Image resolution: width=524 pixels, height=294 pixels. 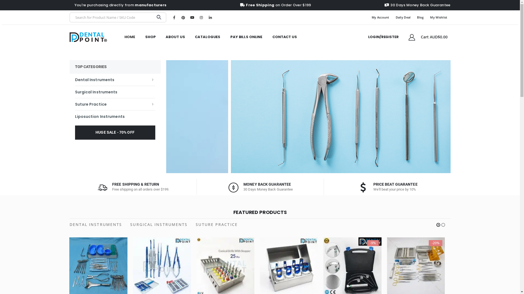 I want to click on 'HOME', so click(x=129, y=37).